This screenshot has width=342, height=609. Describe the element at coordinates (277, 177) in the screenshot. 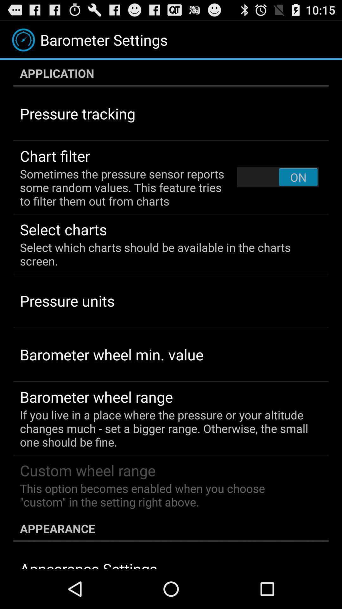

I see `the icon to the right of the sometimes the pressure icon` at that location.